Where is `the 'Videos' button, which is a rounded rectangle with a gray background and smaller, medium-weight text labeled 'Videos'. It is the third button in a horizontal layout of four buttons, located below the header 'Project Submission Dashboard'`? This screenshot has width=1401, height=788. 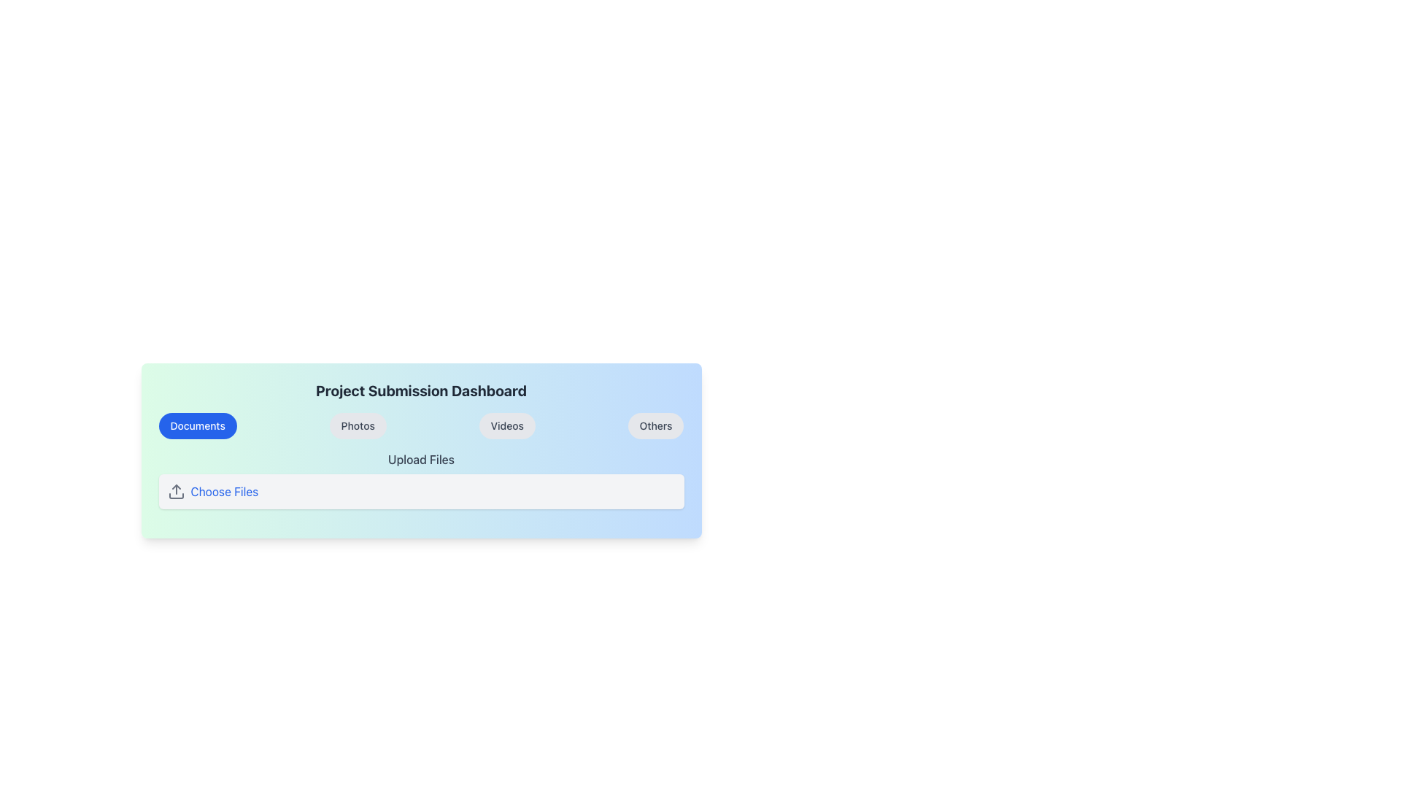 the 'Videos' button, which is a rounded rectangle with a gray background and smaller, medium-weight text labeled 'Videos'. It is the third button in a horizontal layout of four buttons, located below the header 'Project Submission Dashboard' is located at coordinates (507, 425).